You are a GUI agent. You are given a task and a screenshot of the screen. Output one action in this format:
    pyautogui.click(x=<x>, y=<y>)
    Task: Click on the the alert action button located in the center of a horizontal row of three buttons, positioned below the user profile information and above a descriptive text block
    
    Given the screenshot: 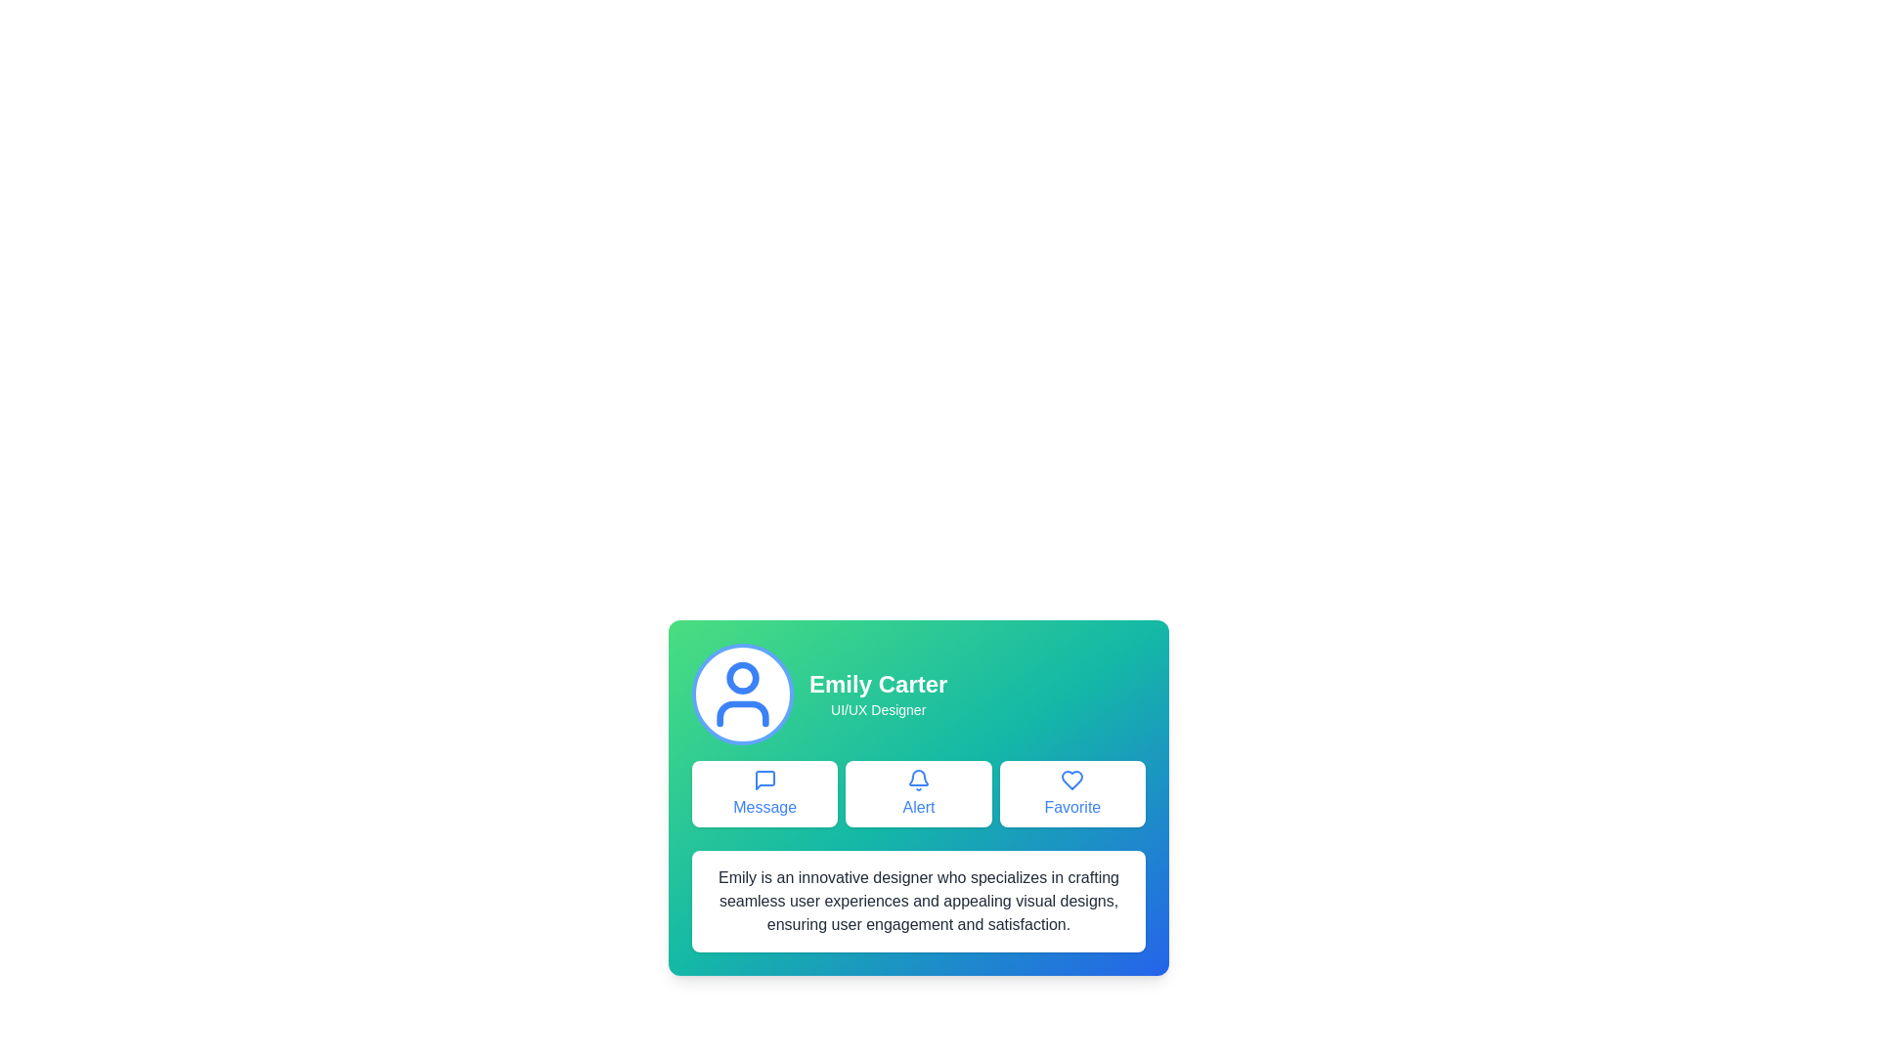 What is the action you would take?
    pyautogui.click(x=918, y=798)
    